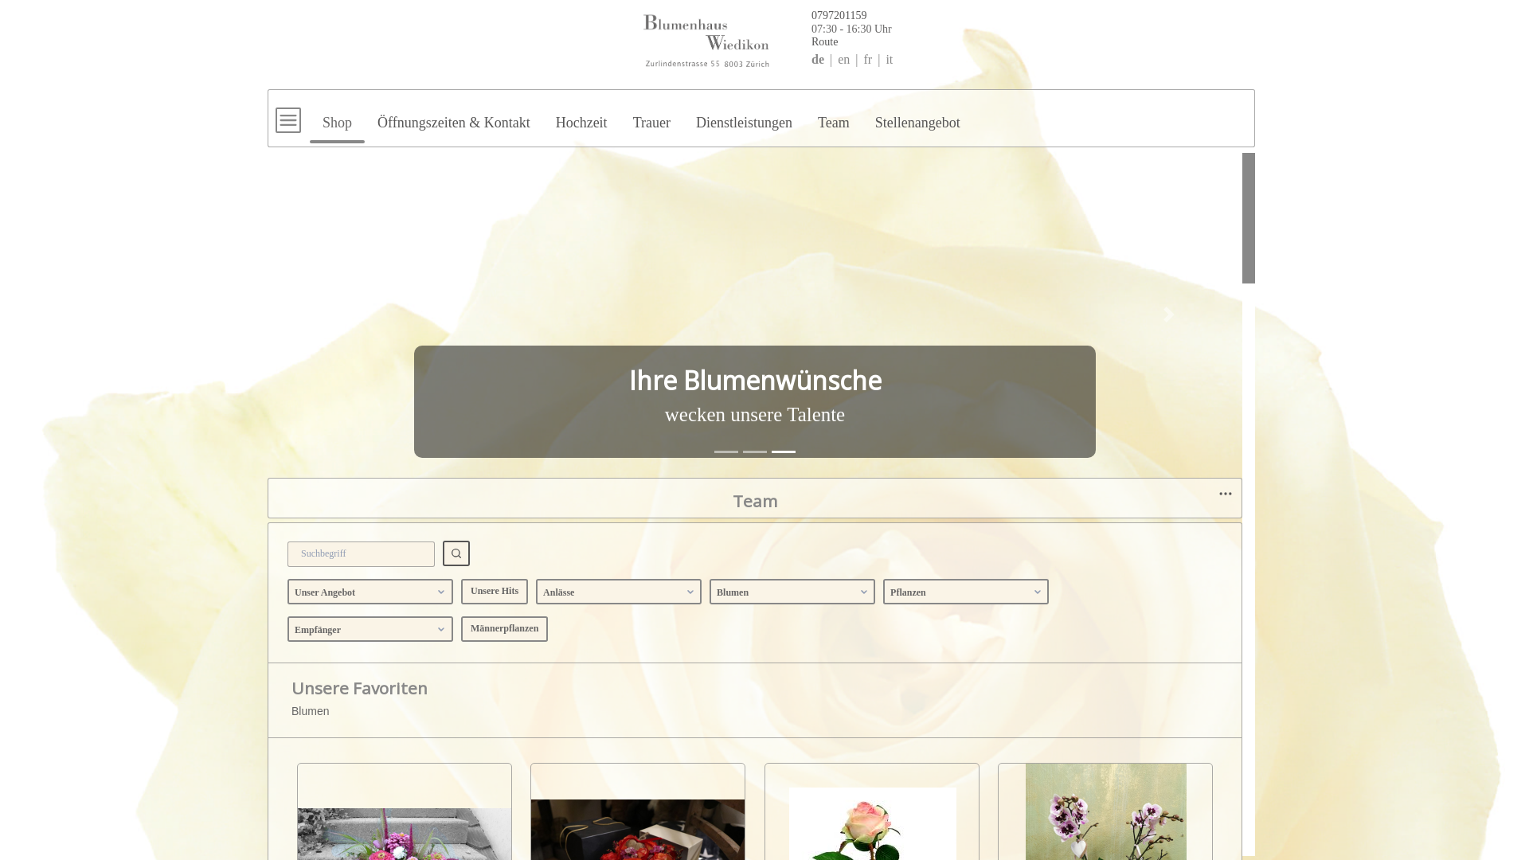 The height and width of the screenshot is (860, 1529). I want to click on 'Dienstleistungen', so click(683, 115).